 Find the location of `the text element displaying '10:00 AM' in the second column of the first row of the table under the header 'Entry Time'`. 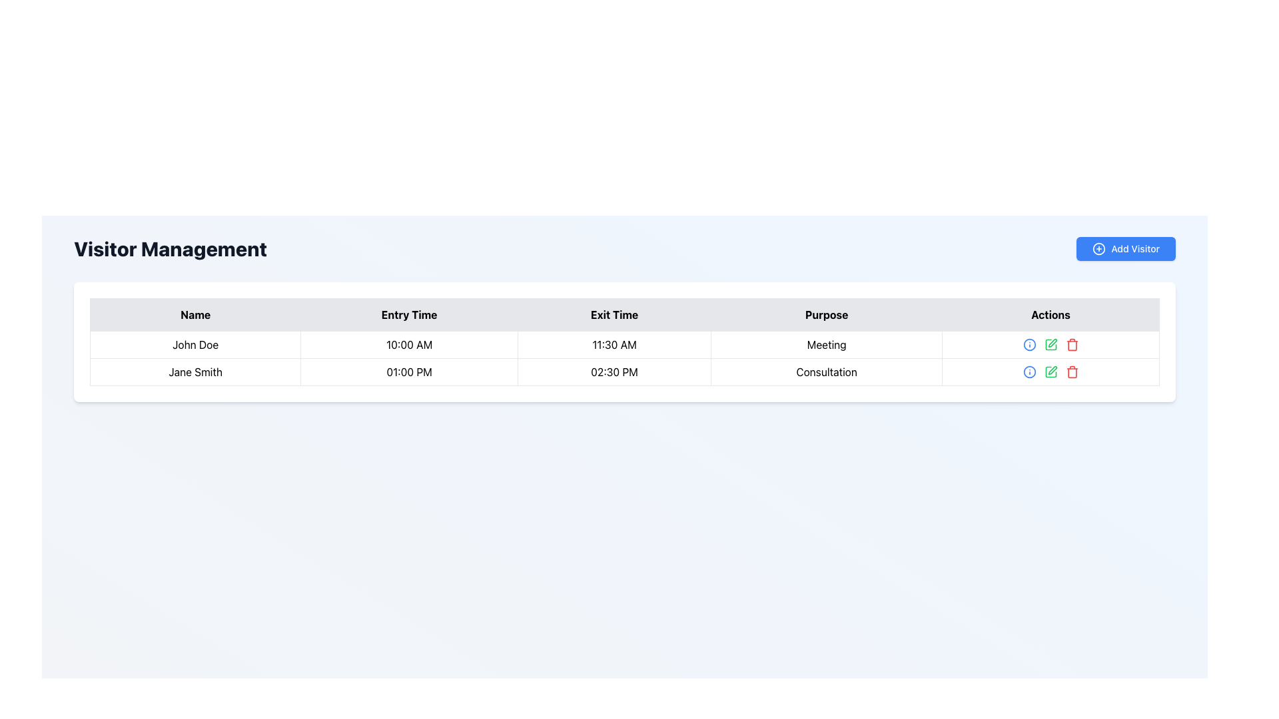

the text element displaying '10:00 AM' in the second column of the first row of the table under the header 'Entry Time' is located at coordinates (408, 344).